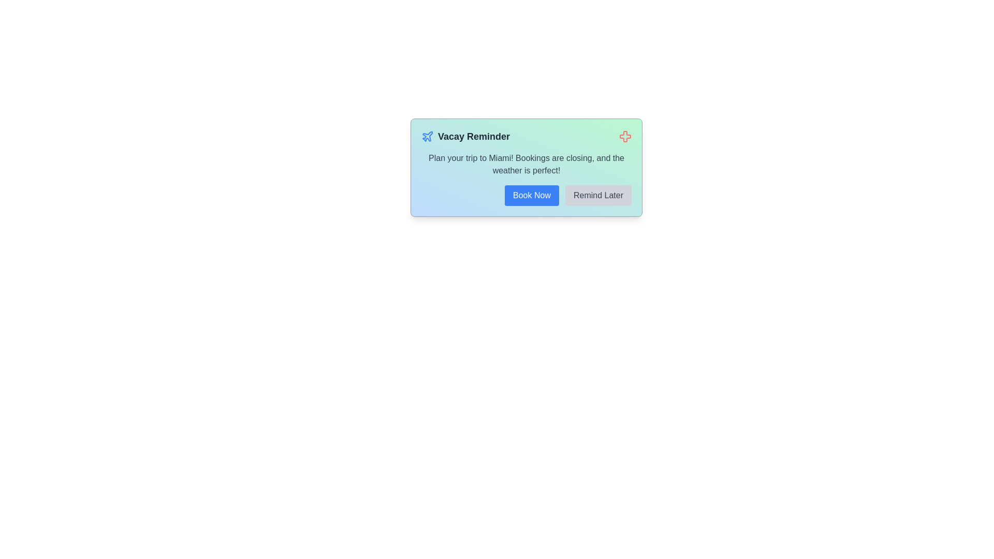 Image resolution: width=994 pixels, height=559 pixels. I want to click on the 'Book Now' button located on the left side of the button group beneath the text 'Plan your trip to Miami! Bookings are closing, and the weather is perfect!', so click(527, 196).